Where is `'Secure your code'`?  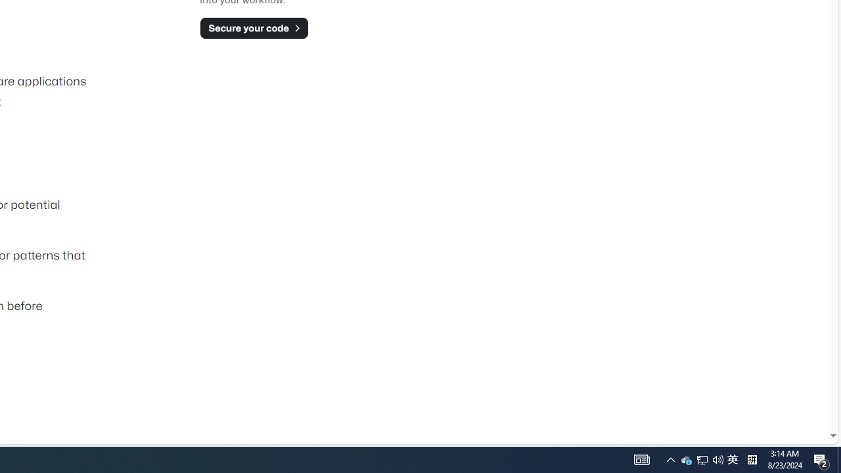
'Secure your code' is located at coordinates (254, 28).